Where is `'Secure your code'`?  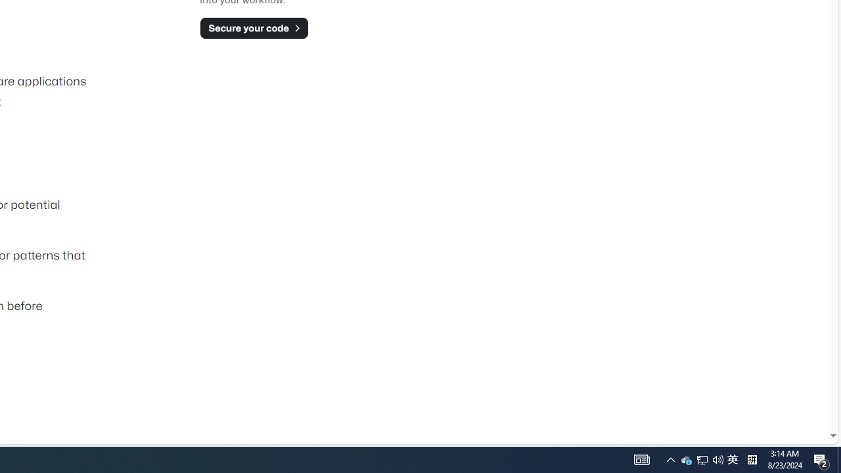
'Secure your code' is located at coordinates (254, 28).